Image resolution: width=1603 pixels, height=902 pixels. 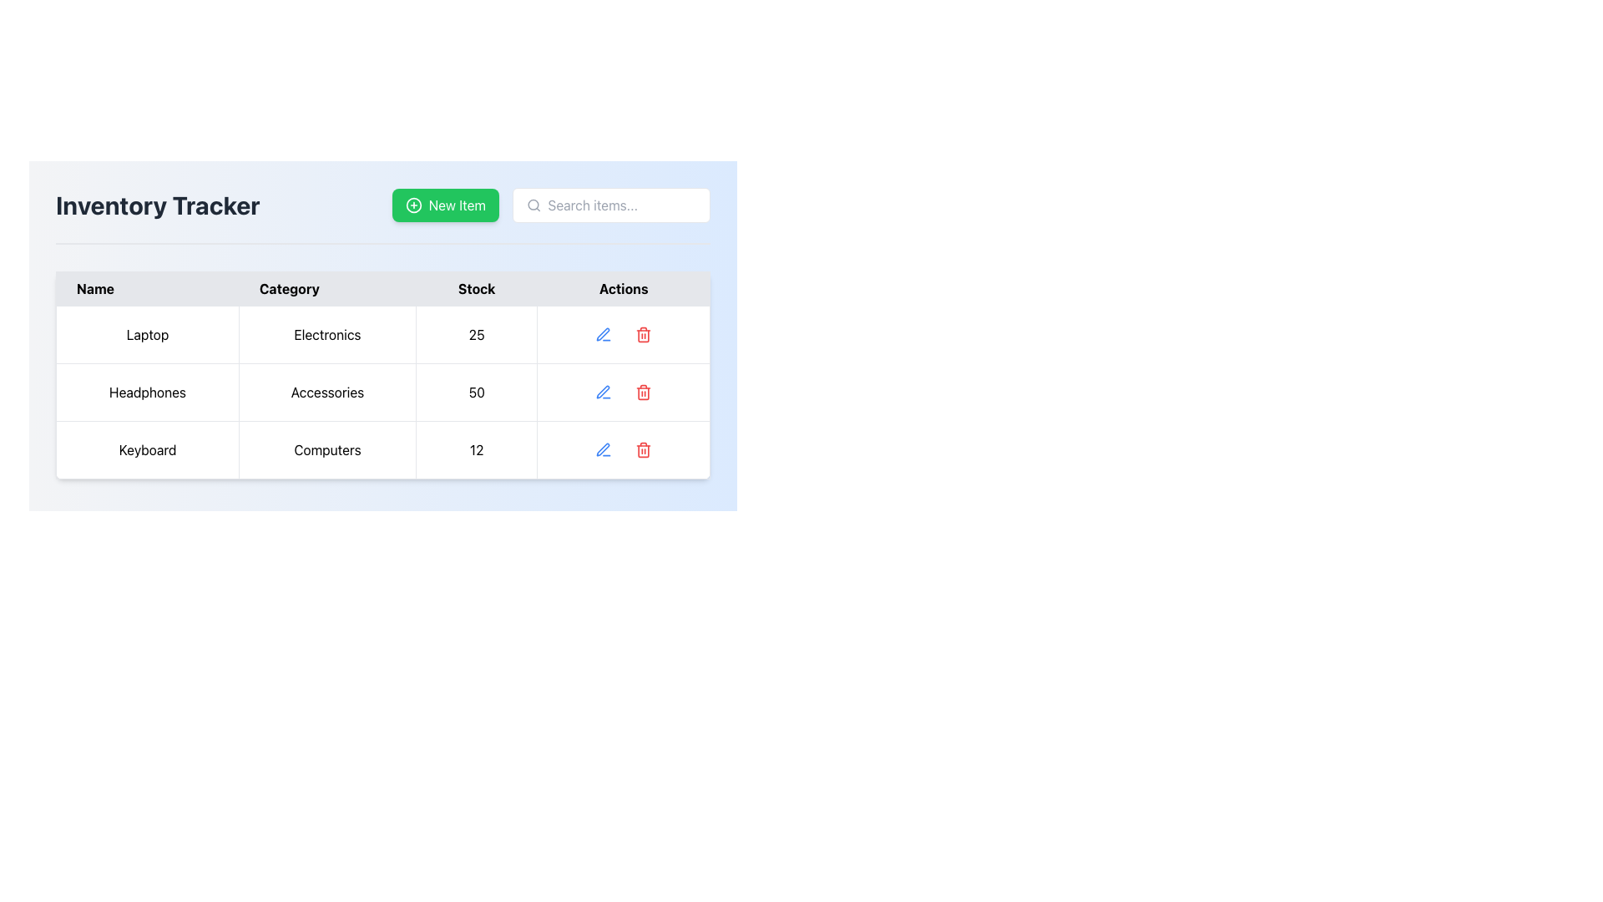 I want to click on the table cell displaying the word 'Accessories' located in the second row of the 'Category' column, so click(x=327, y=393).